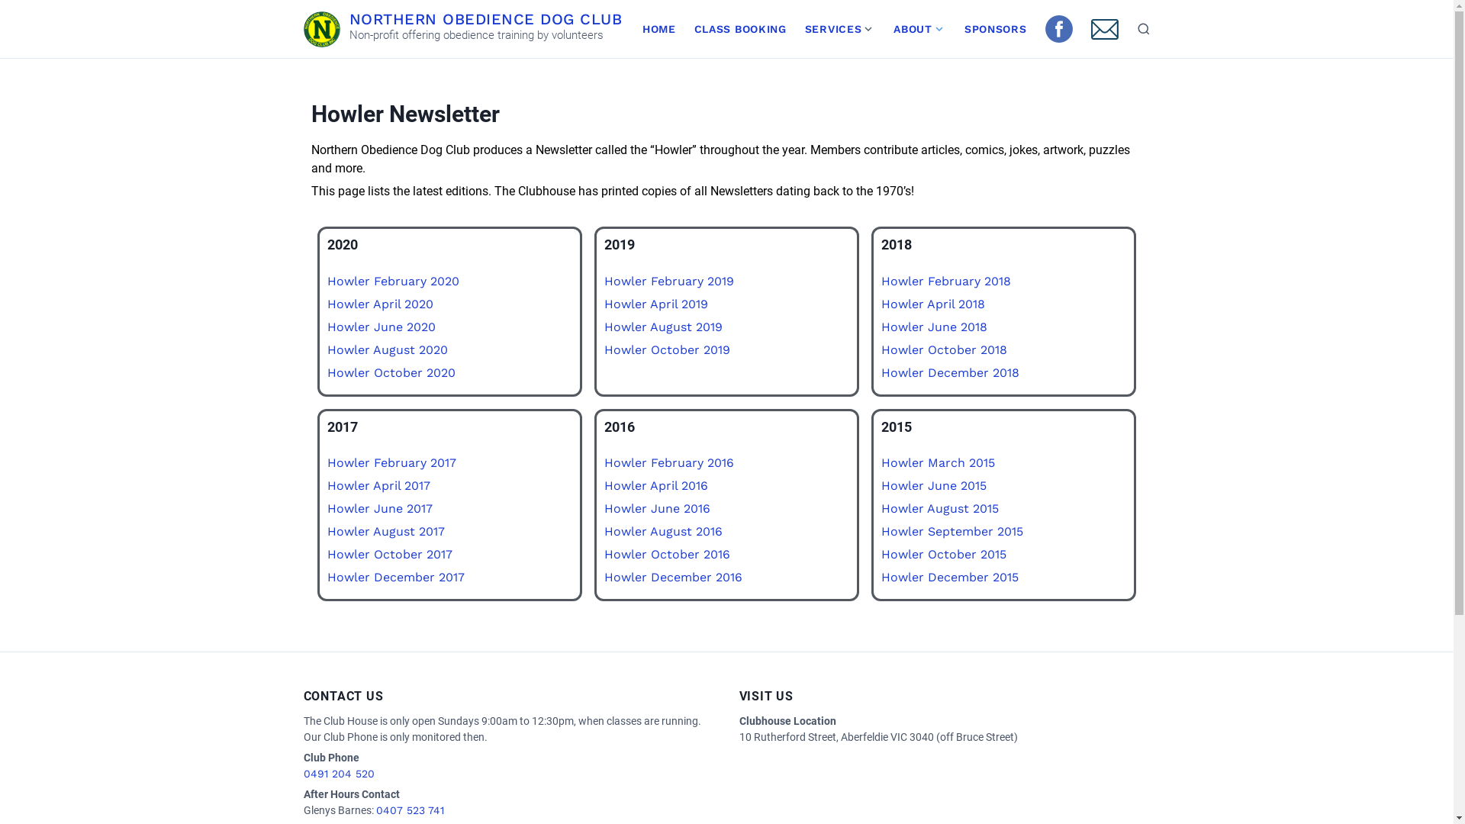  Describe the element at coordinates (932, 303) in the screenshot. I see `'Howler April 2018'` at that location.